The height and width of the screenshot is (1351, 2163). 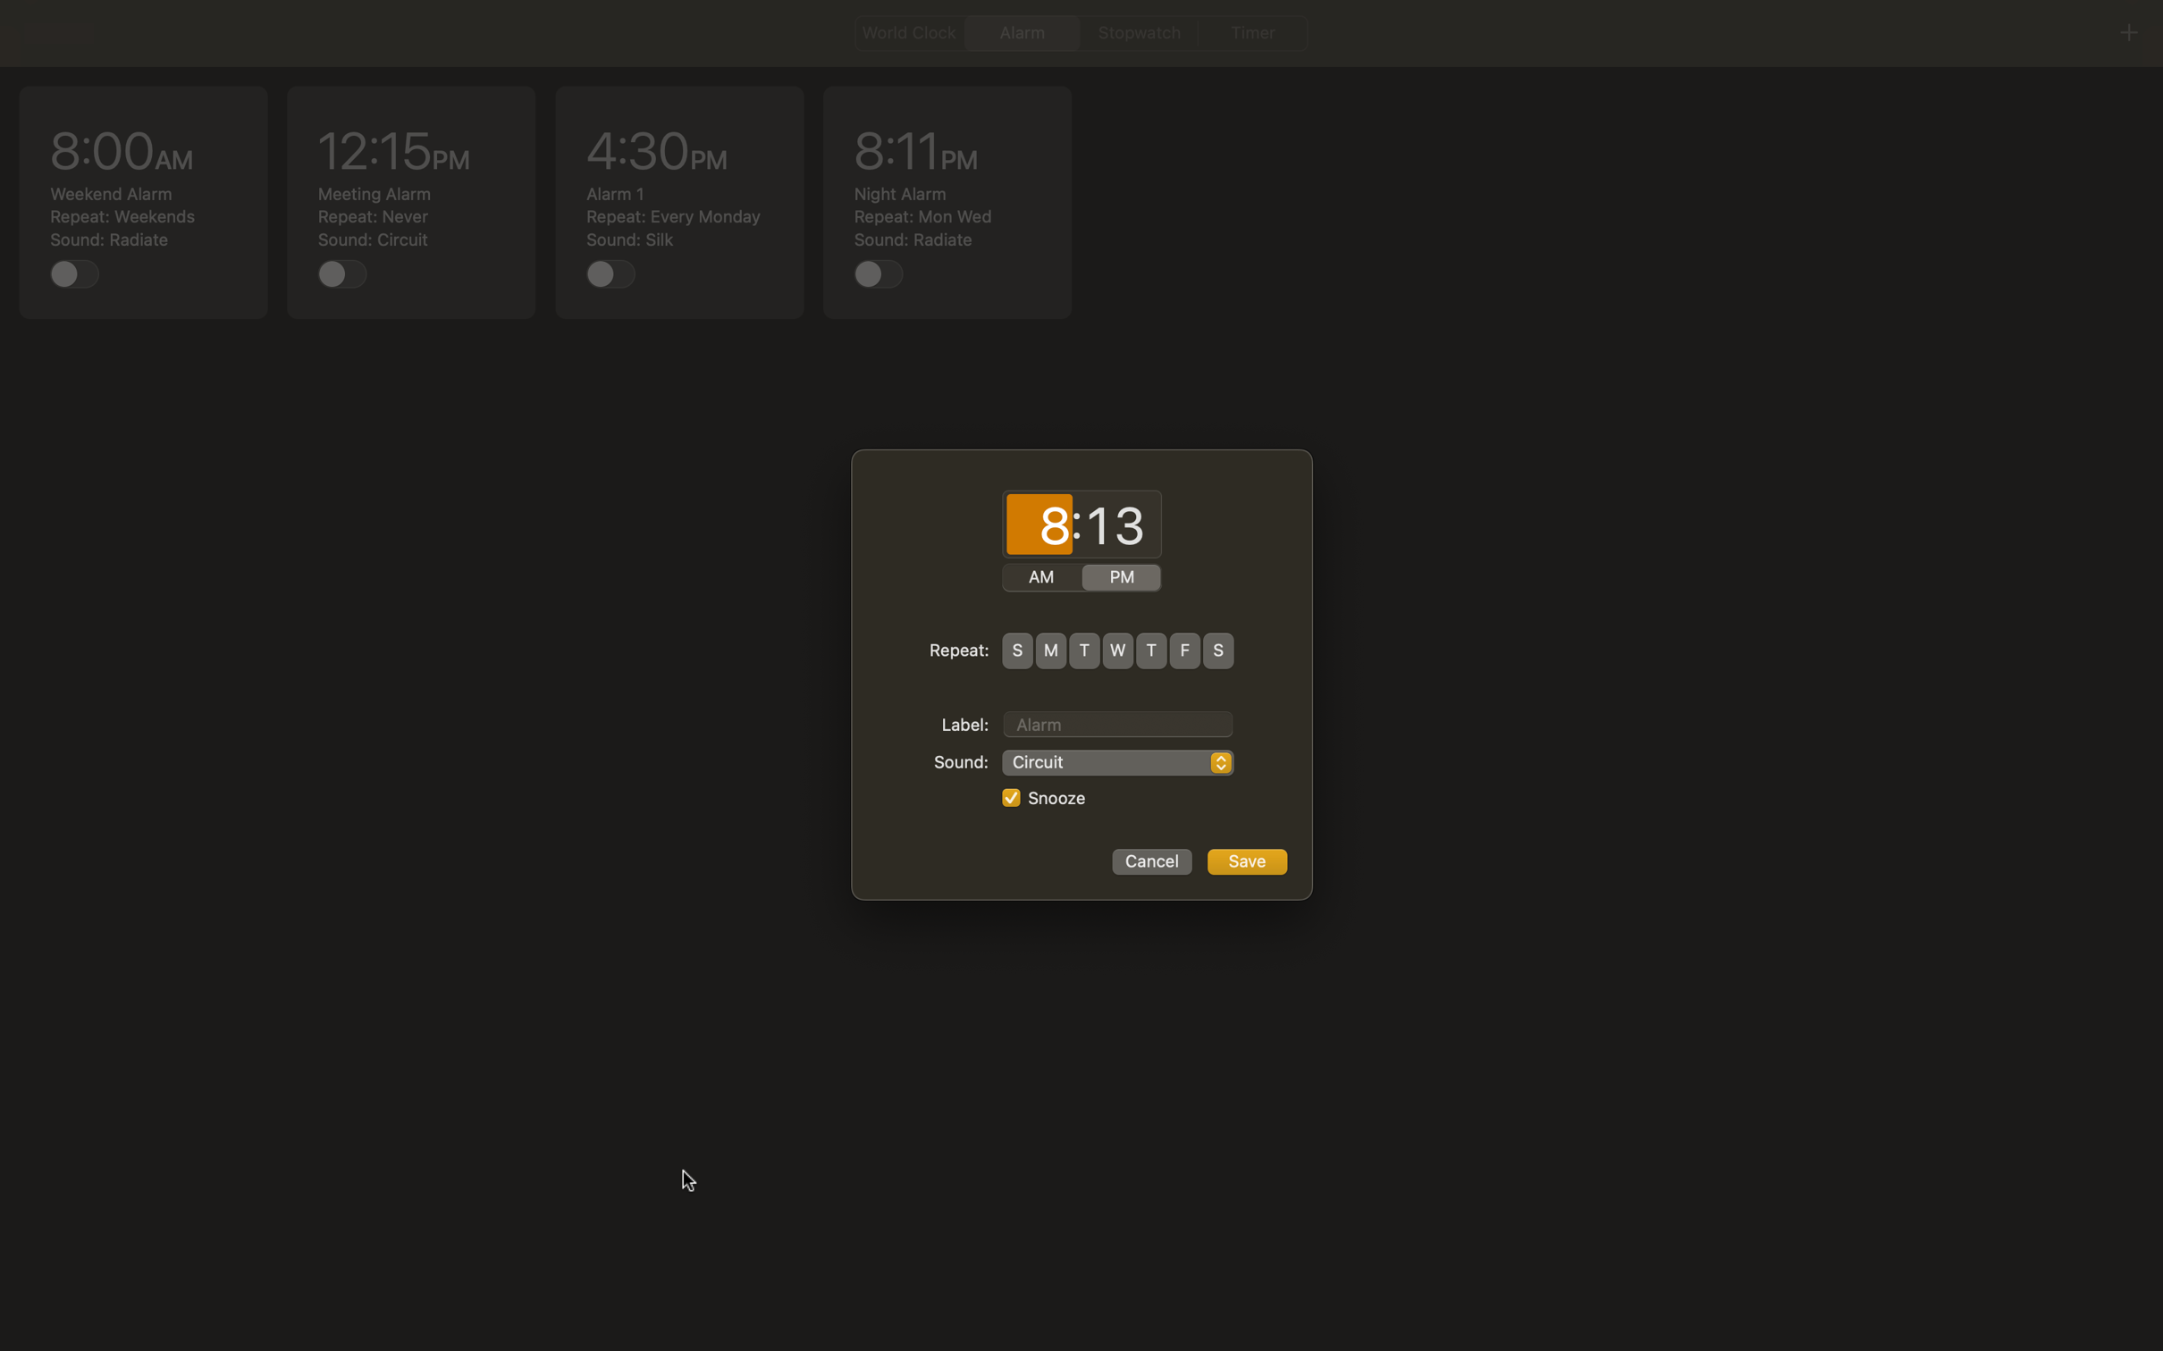 I want to click on the alarm to ring on all working days, so click(x=1050, y=650).